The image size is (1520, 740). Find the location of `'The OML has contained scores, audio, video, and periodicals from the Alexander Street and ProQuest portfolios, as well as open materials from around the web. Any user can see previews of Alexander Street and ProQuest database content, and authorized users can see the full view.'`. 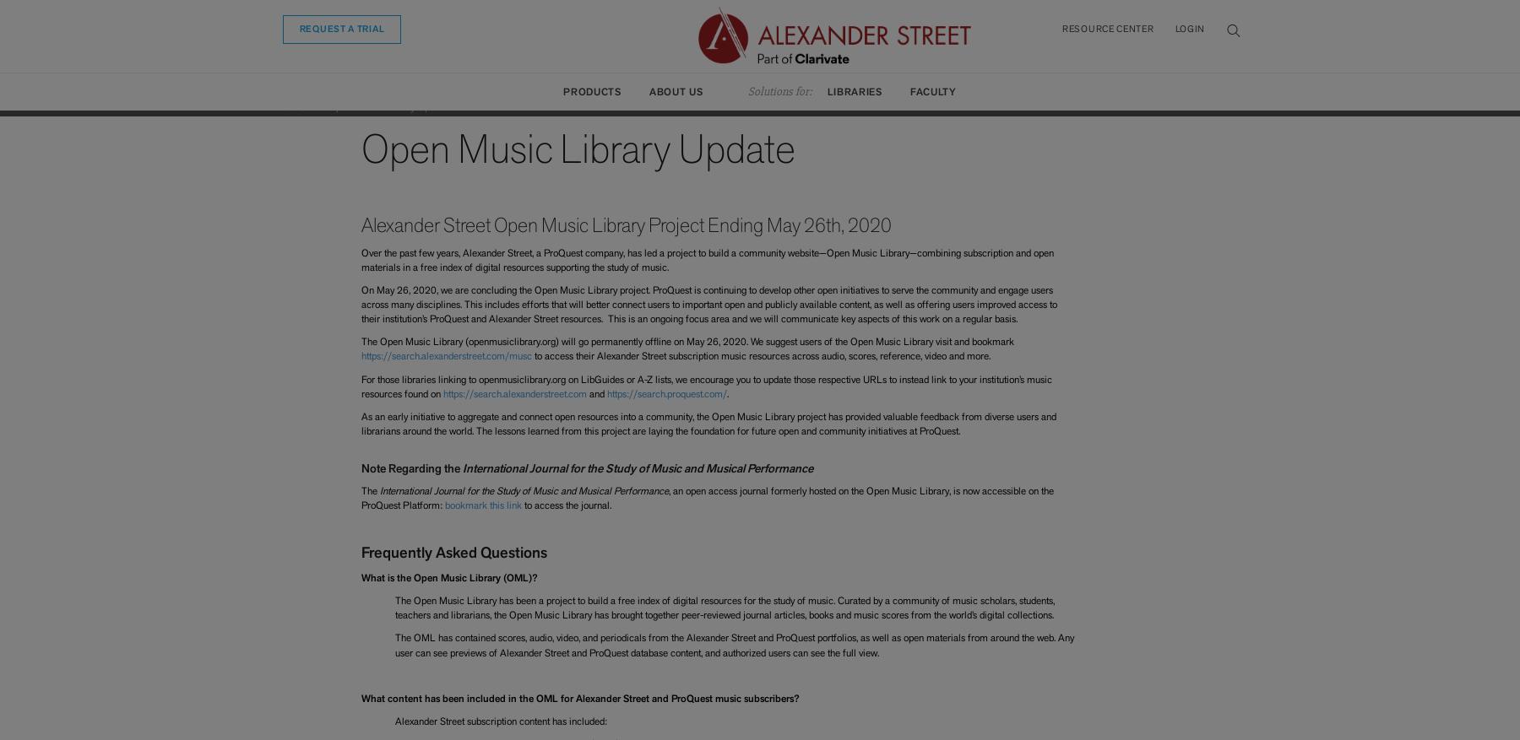

'The OML has contained scores, audio, video, and periodicals from the Alexander Street and ProQuest portfolios, as well as open materials from around the web. Any user can see previews of Alexander Street and ProQuest database content, and authorized users can see the full view.' is located at coordinates (734, 645).